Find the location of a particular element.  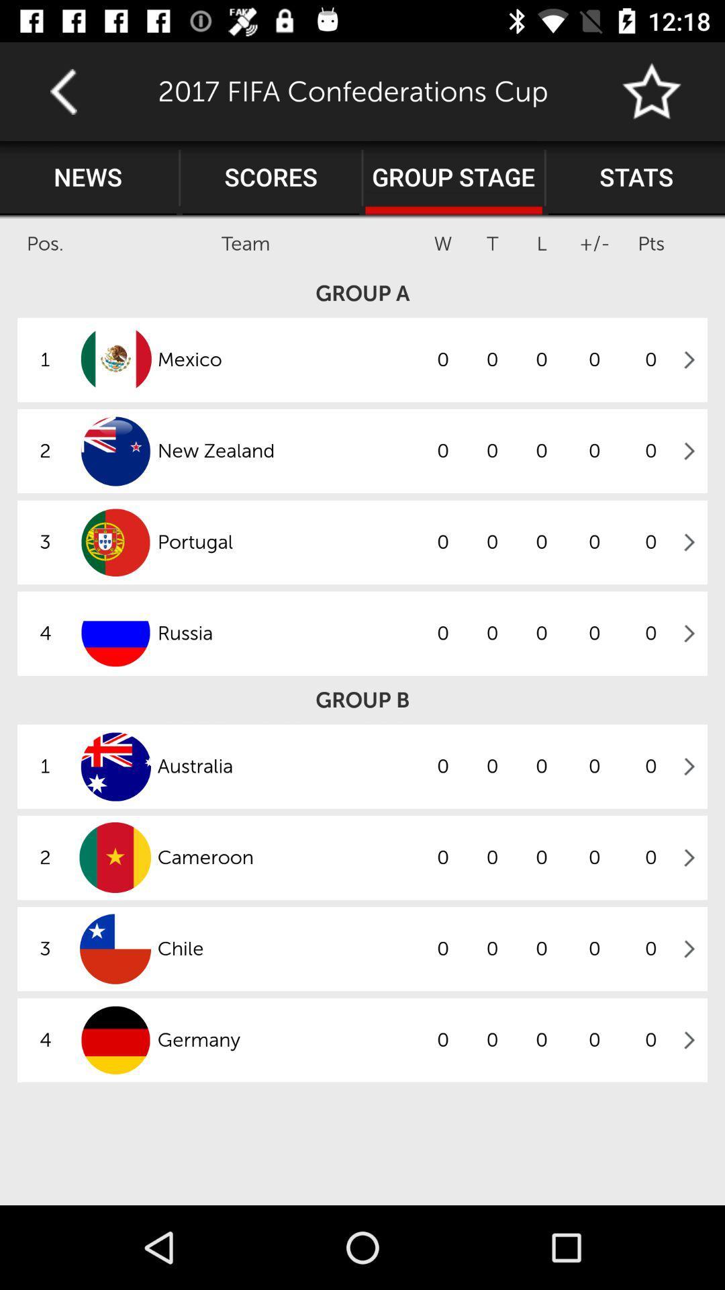

new zealand is located at coordinates (287, 451).